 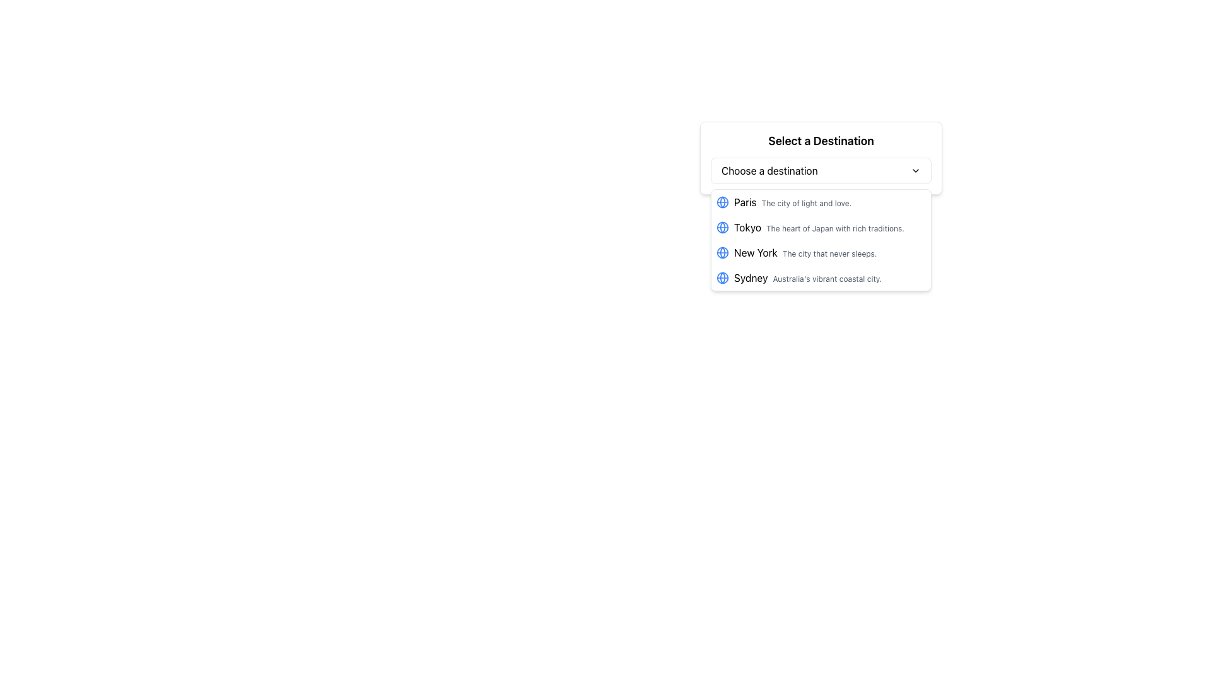 What do you see at coordinates (808, 277) in the screenshot?
I see `the text label option that reads 'Sydney Australia's vibrant coastal city.' in the dropdown menu under 'Choose a destination'` at bounding box center [808, 277].